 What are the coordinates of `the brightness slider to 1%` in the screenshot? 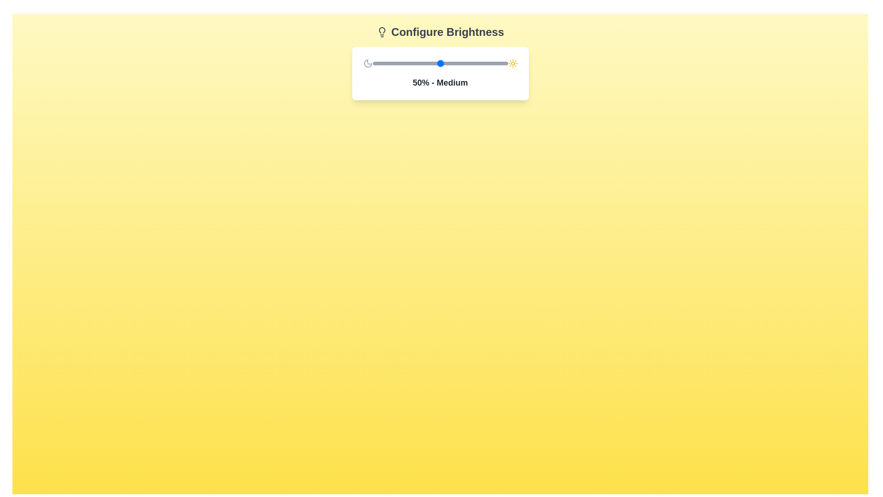 It's located at (374, 63).